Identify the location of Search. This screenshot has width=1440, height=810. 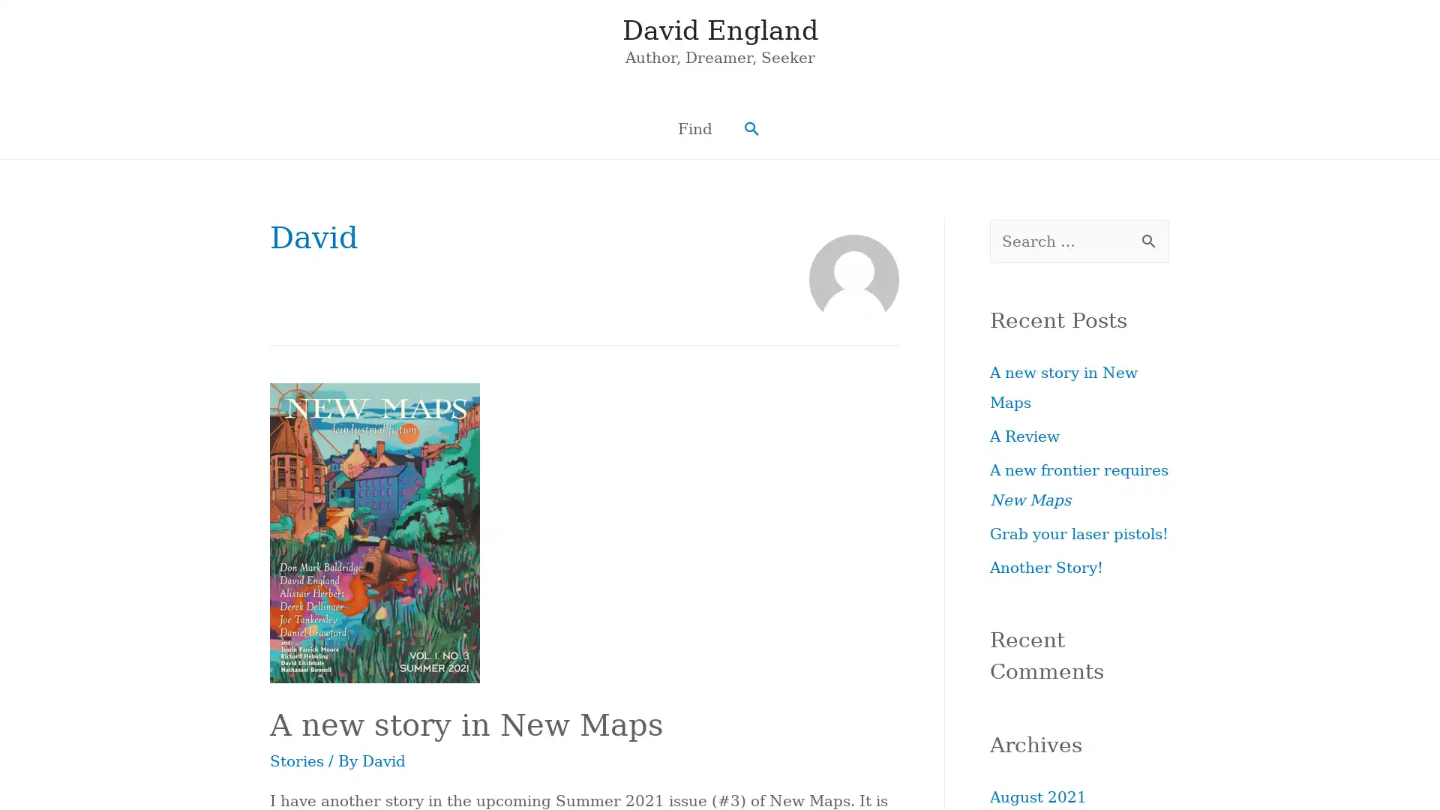
(1151, 242).